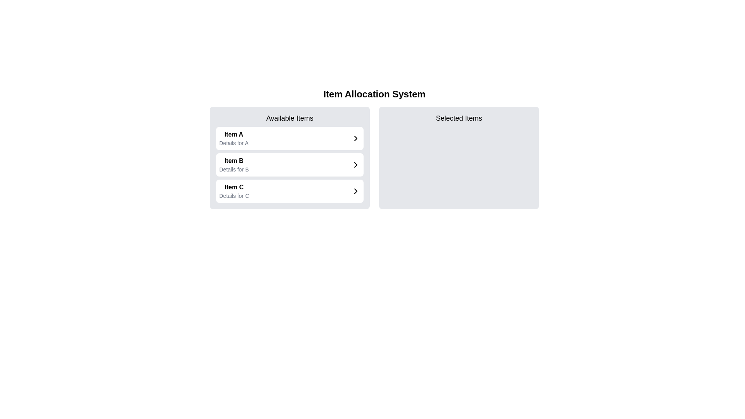 Image resolution: width=745 pixels, height=419 pixels. I want to click on the text label displaying 'Item A' in bold black font, which is the first entry in the 'Available Items' section, so click(233, 134).